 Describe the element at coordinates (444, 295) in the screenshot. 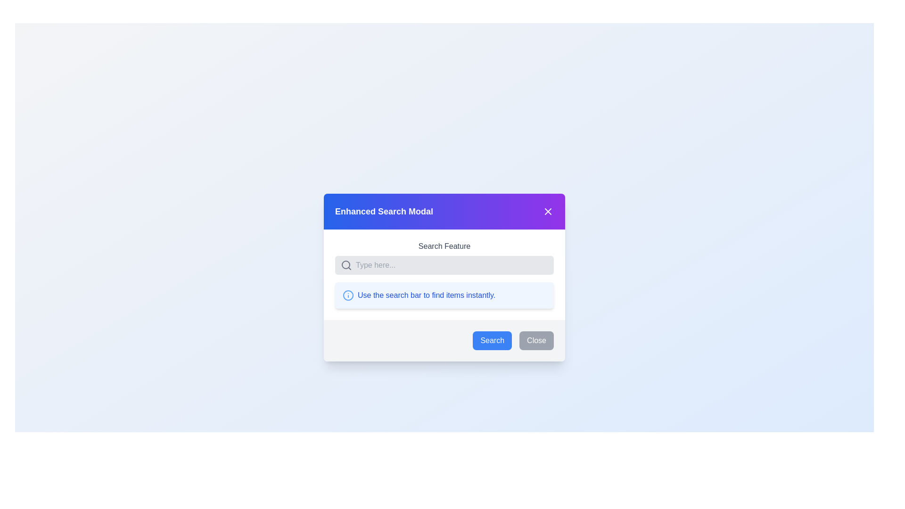

I see `the Informational Card, which is a rectangular area with a light blue background, rounded corners, and an informative icon on the left, located in the 'Enhanced Search Modal' dialog box` at that location.